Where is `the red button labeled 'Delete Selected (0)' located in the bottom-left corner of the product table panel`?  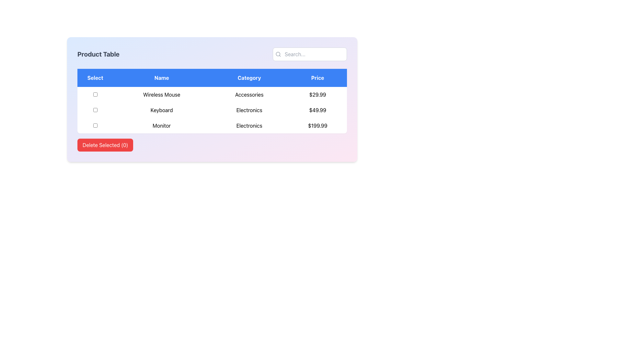 the red button labeled 'Delete Selected (0)' located in the bottom-left corner of the product table panel is located at coordinates (105, 144).